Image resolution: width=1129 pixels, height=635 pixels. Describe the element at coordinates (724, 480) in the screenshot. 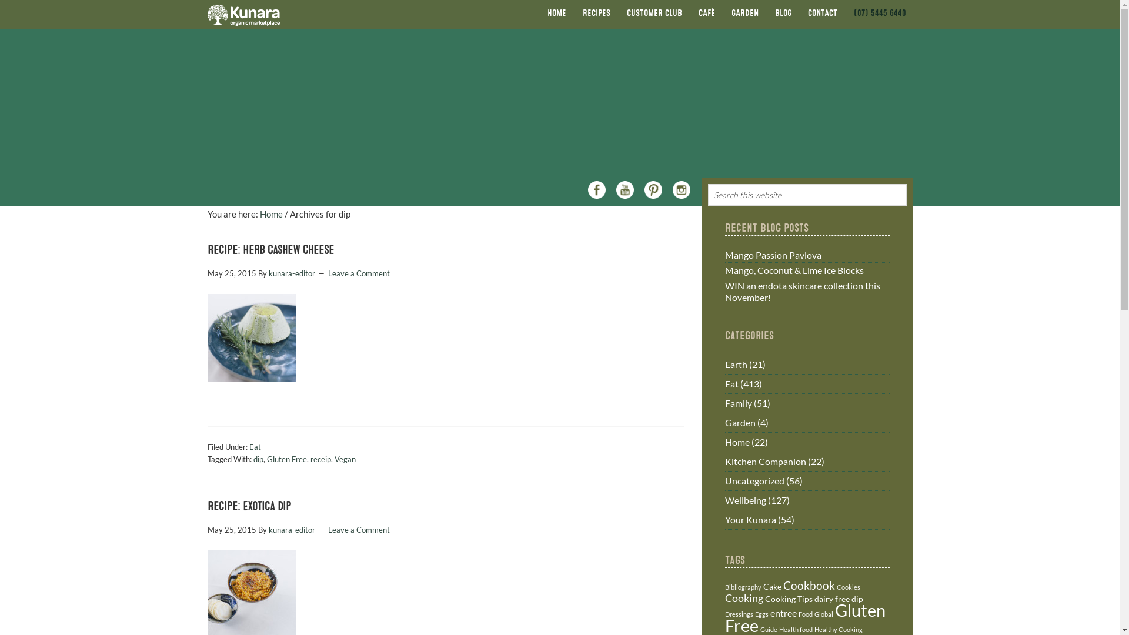

I see `'Uncategorized'` at that location.